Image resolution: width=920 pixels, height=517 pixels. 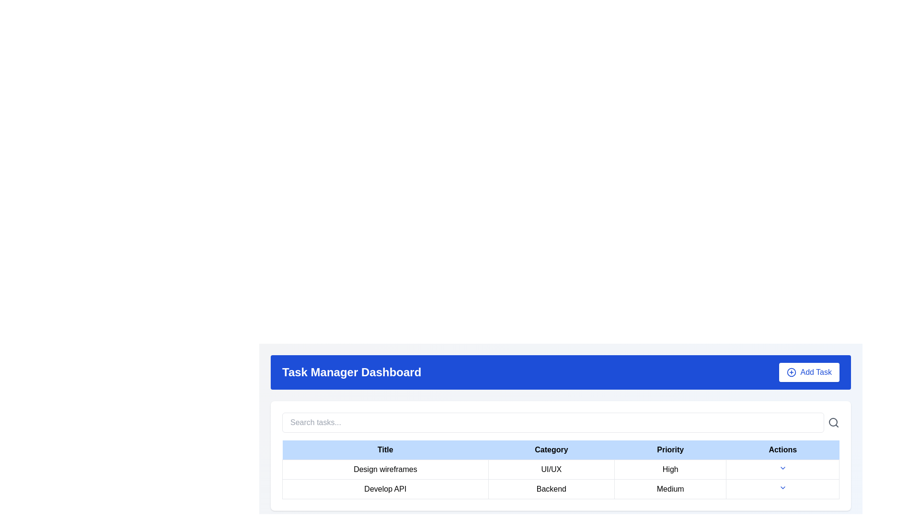 I want to click on title text label located on the left side of the header section of the dashboard, which serves as the primary identifier for the interface, so click(x=351, y=372).